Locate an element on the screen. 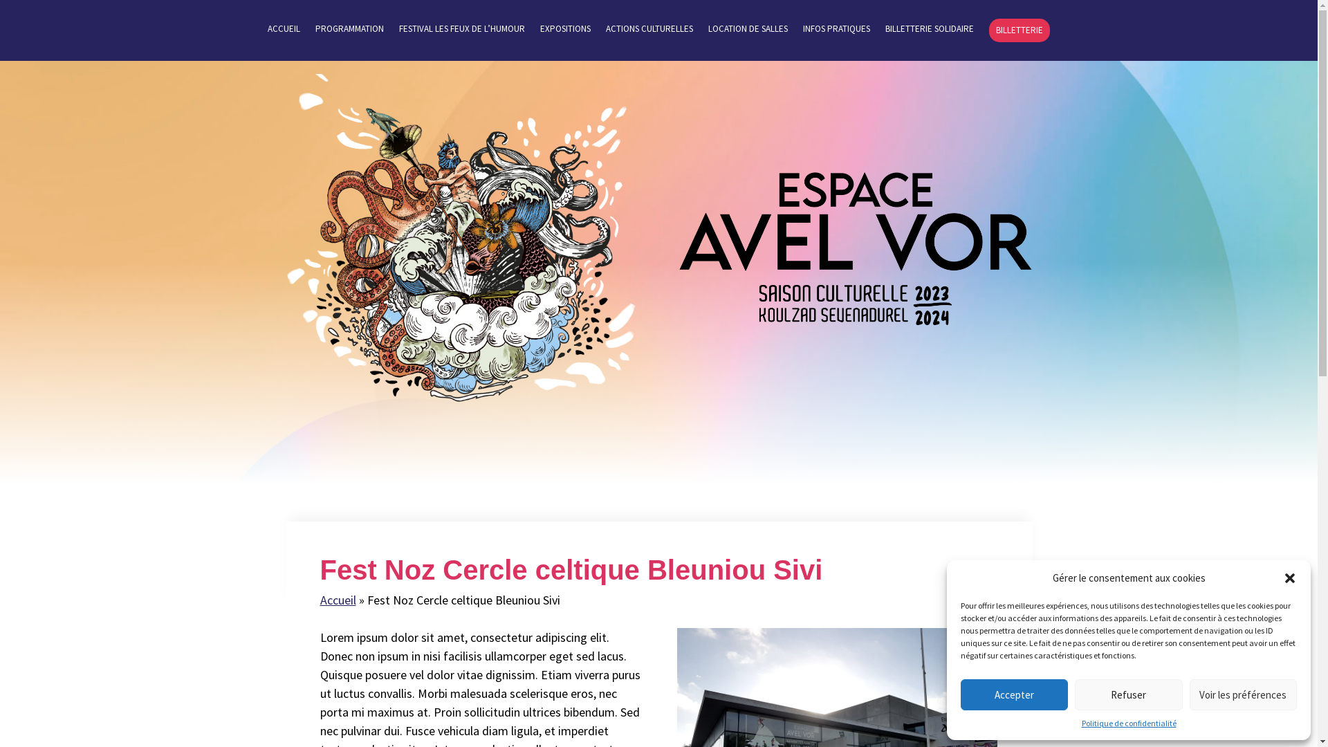  'LOCATION DE SALLES' is located at coordinates (747, 32).